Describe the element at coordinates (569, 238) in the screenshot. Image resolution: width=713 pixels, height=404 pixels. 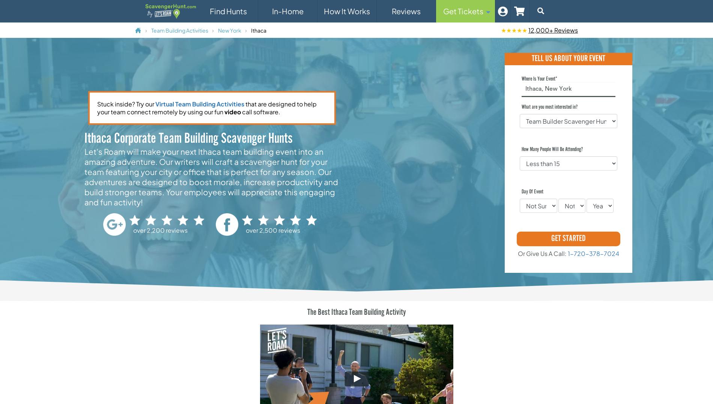
I see `'GET STARTED'` at that location.